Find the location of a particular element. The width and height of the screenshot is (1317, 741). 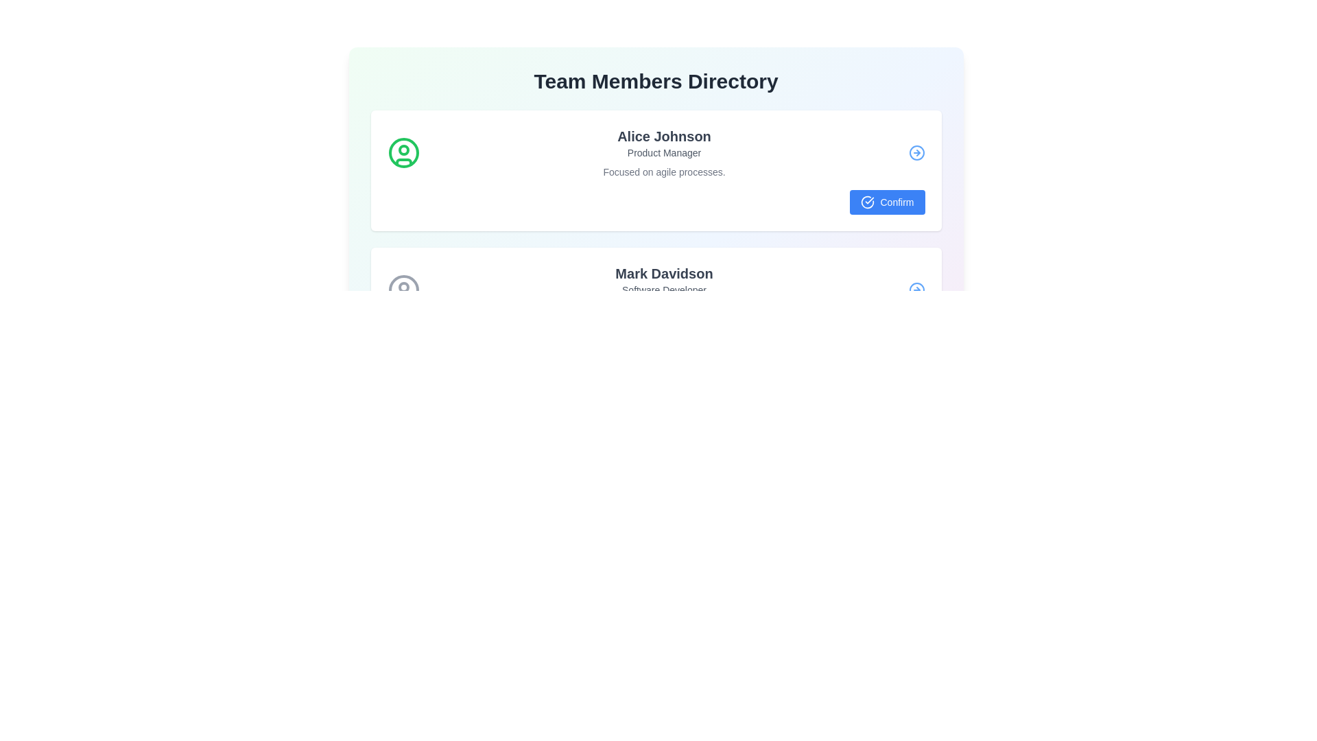

the arrow icon next to the member's name to view their details is located at coordinates (916, 153).